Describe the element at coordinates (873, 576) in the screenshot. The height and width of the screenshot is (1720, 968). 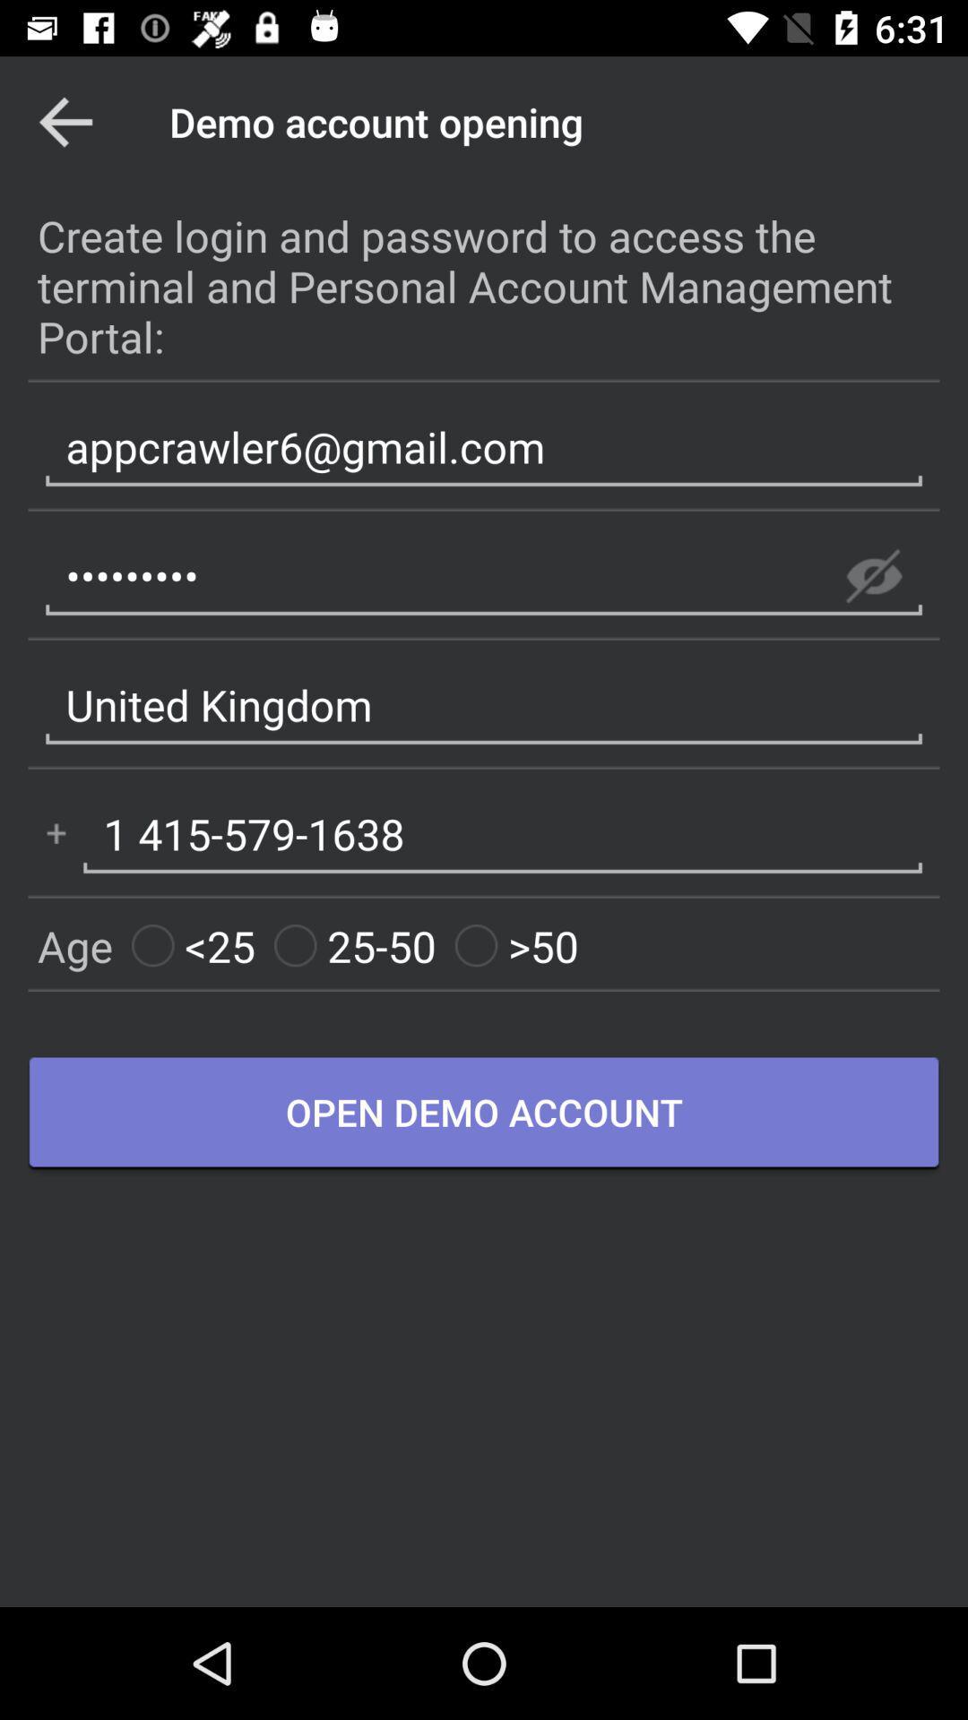
I see `show password` at that location.